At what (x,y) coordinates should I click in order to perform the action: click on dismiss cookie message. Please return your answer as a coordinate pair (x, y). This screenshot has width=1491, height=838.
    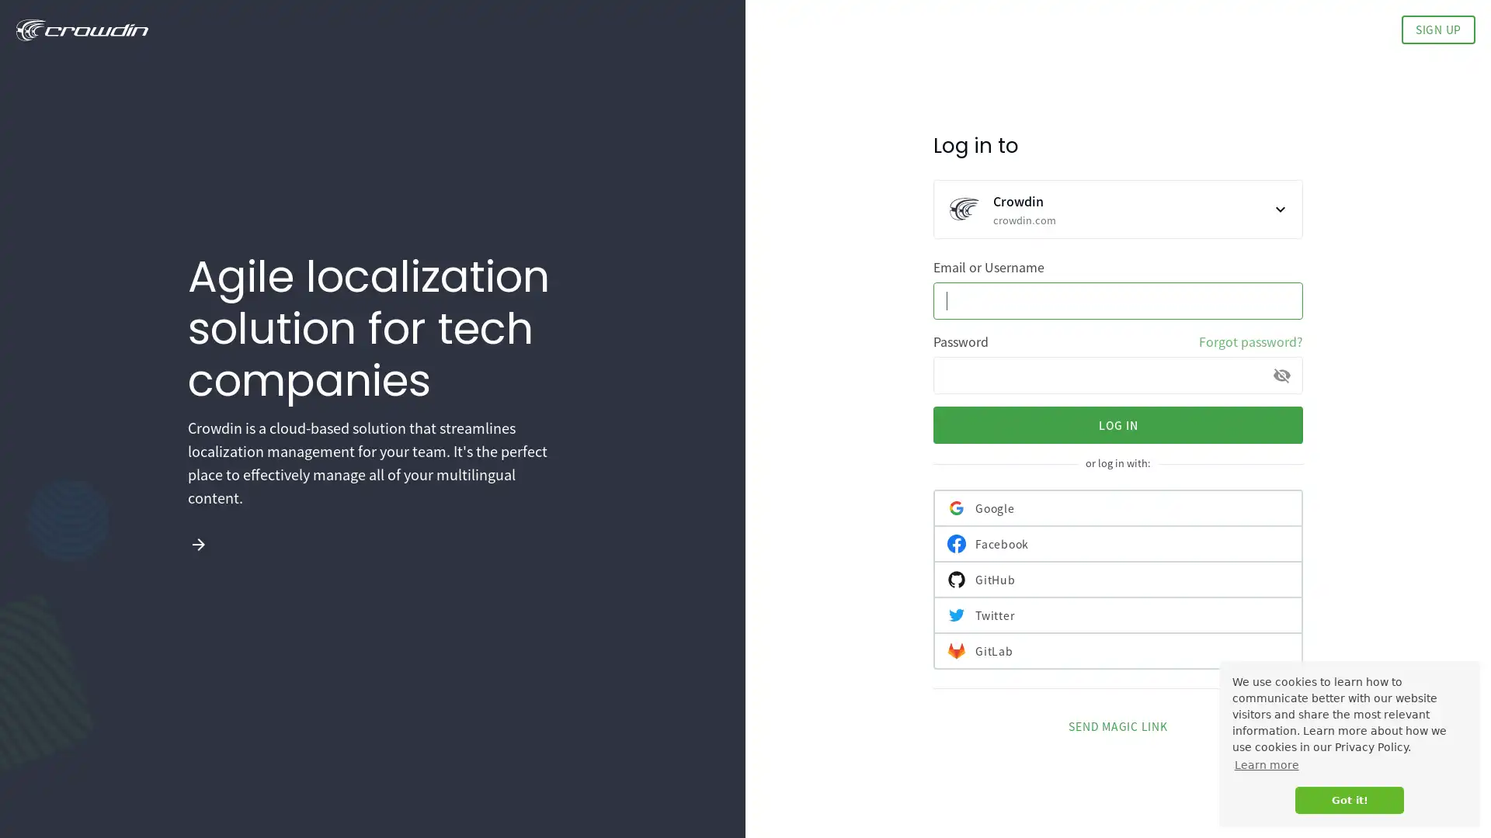
    Looking at the image, I should click on (1348, 800).